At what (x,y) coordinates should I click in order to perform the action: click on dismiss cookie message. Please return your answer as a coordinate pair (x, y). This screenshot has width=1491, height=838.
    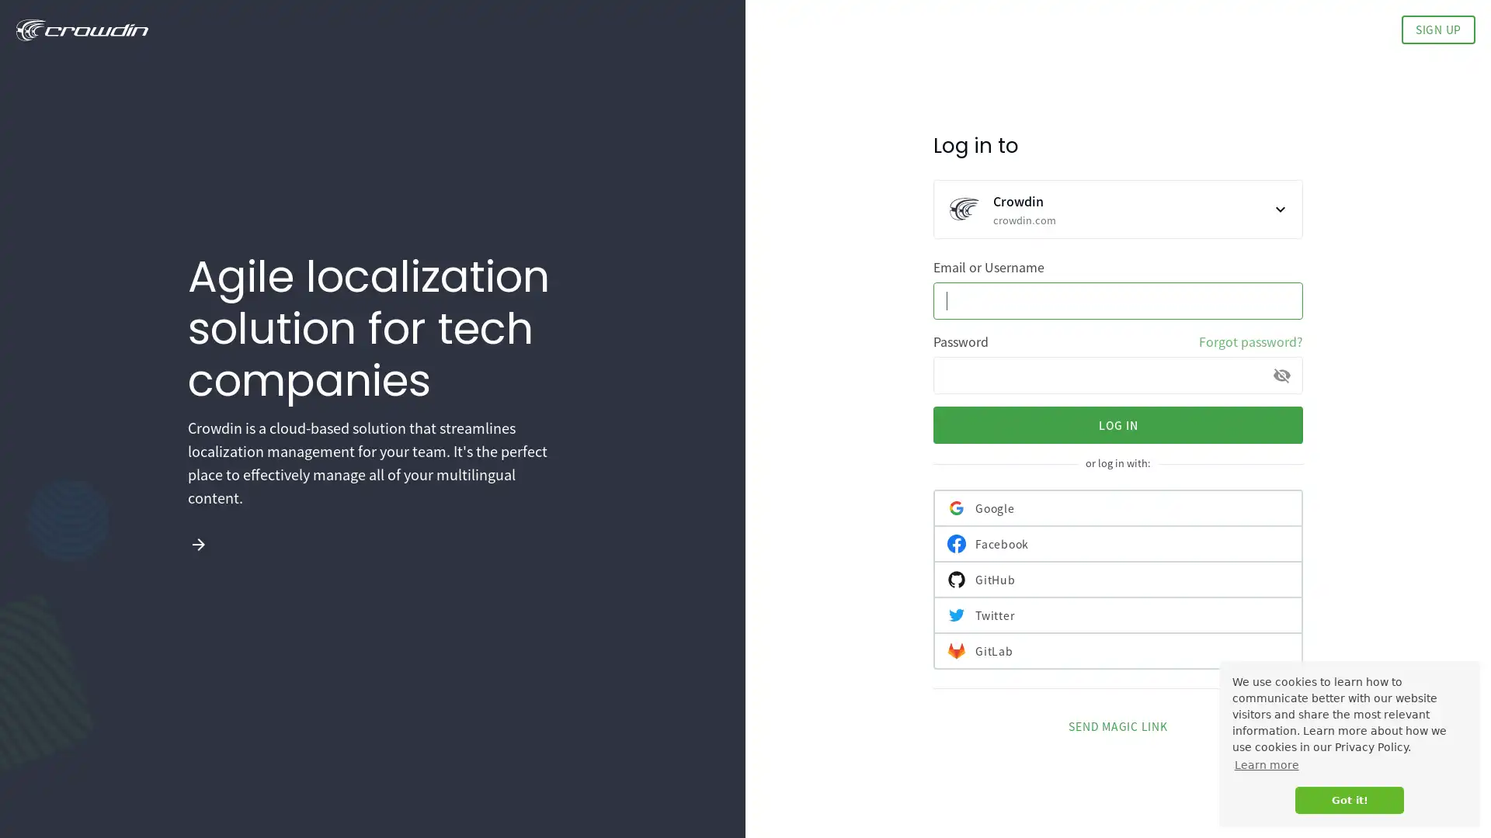
    Looking at the image, I should click on (1348, 800).